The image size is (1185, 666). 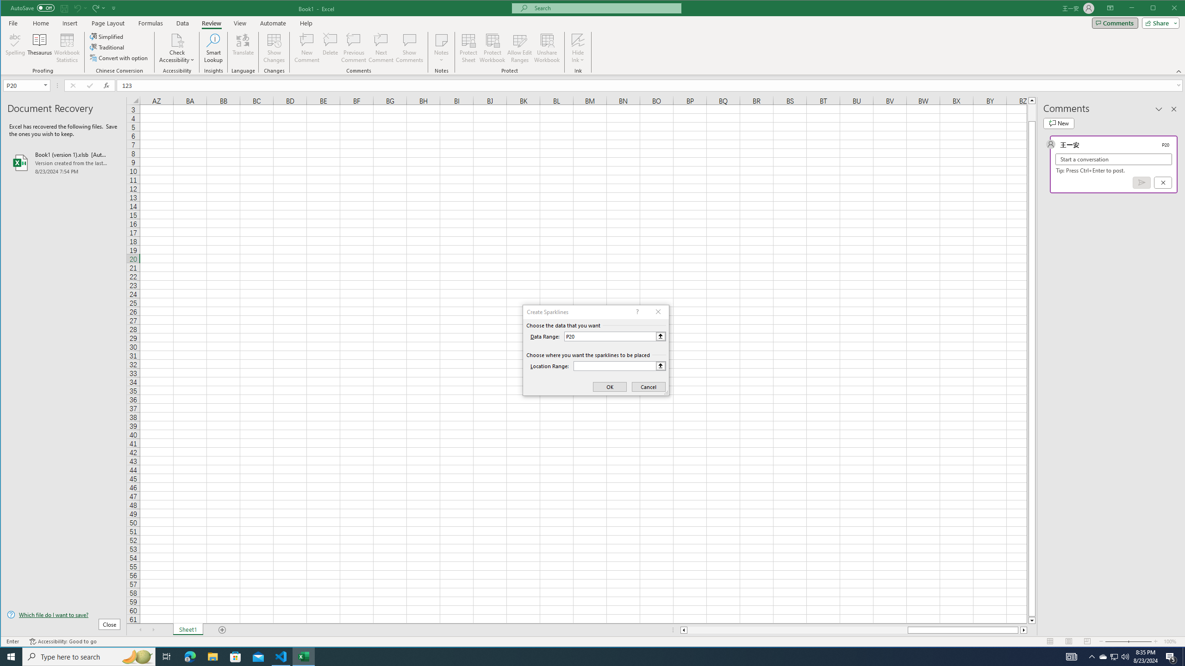 What do you see at coordinates (468, 48) in the screenshot?
I see `'Protect Sheet...'` at bounding box center [468, 48].